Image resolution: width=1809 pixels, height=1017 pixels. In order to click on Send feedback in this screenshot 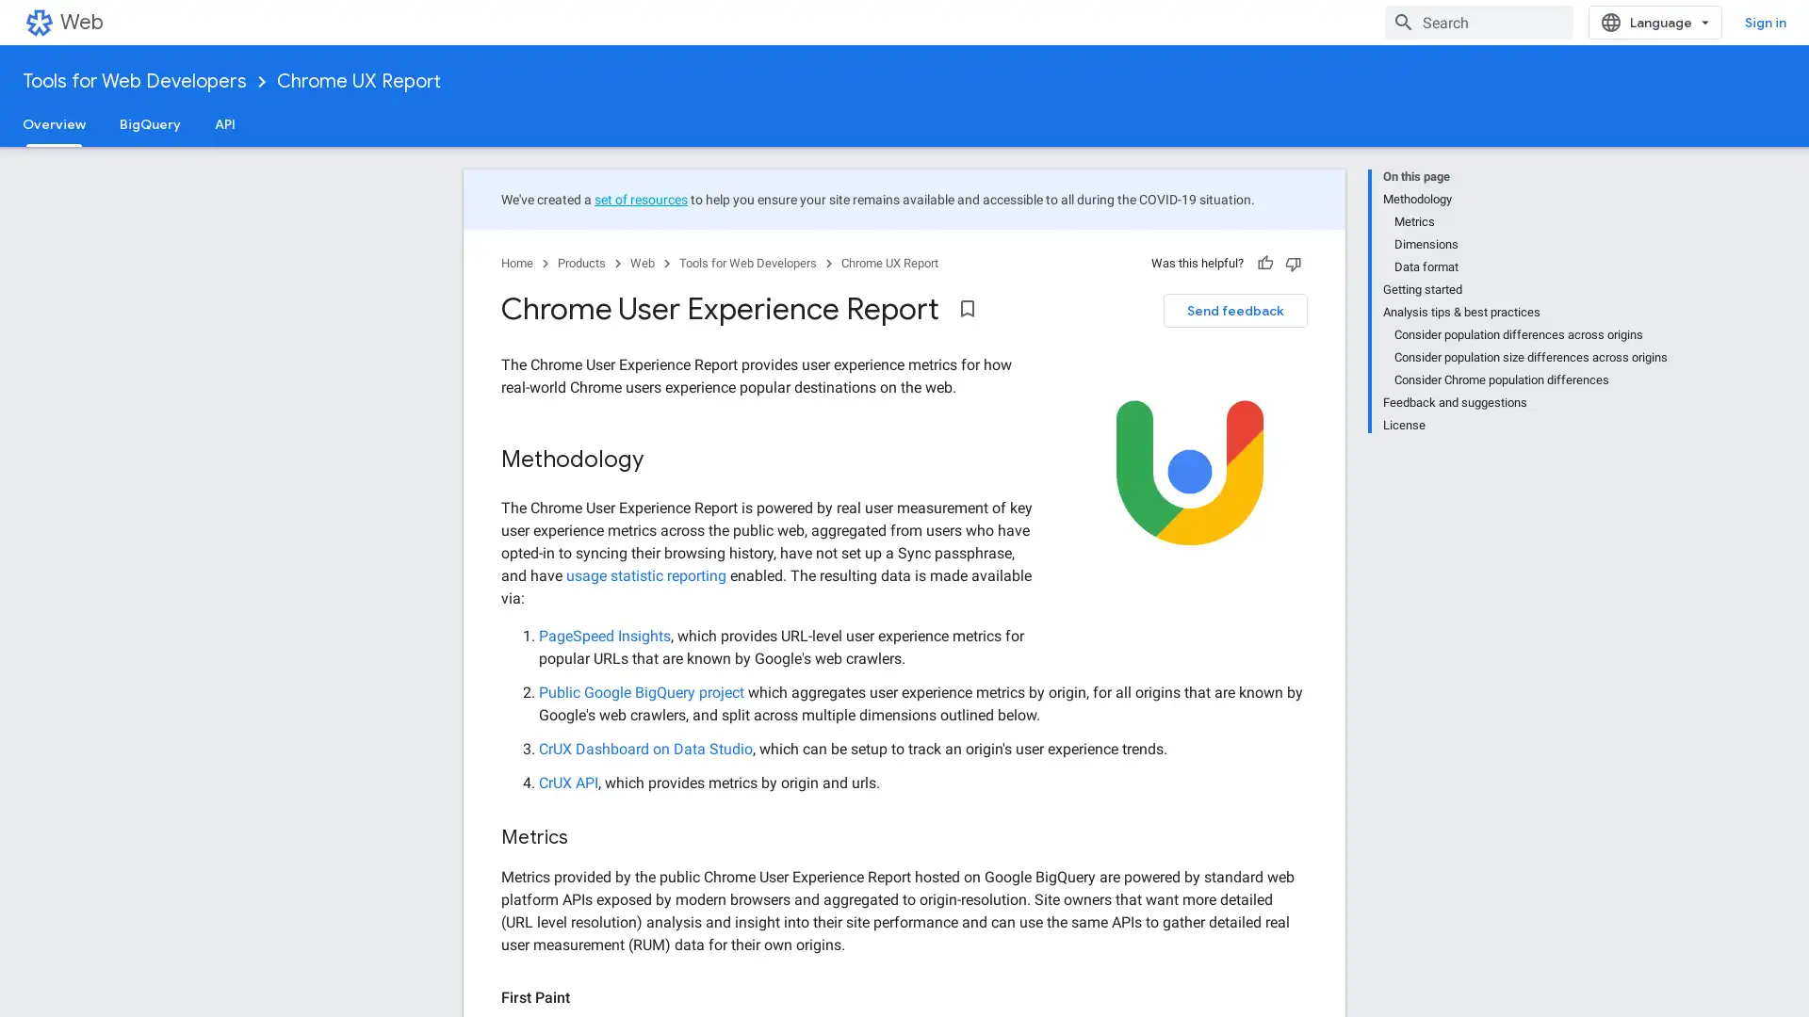, I will do `click(1235, 310)`.